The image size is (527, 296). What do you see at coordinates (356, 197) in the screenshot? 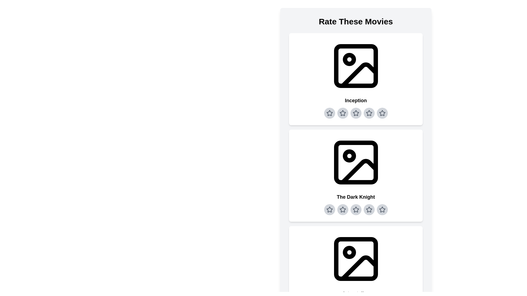
I see `the title of the movie The Dark Knight` at bounding box center [356, 197].